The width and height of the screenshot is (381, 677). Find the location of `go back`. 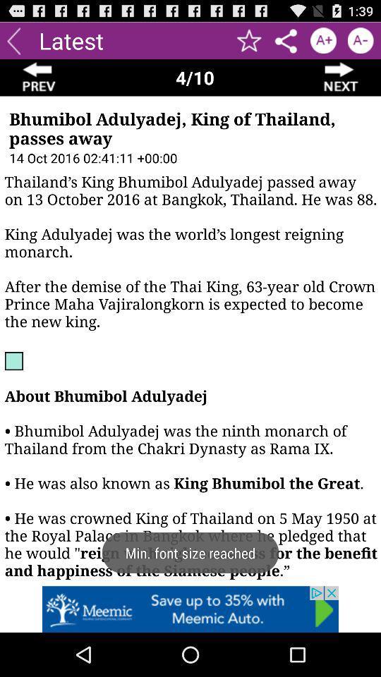

go back is located at coordinates (39, 78).